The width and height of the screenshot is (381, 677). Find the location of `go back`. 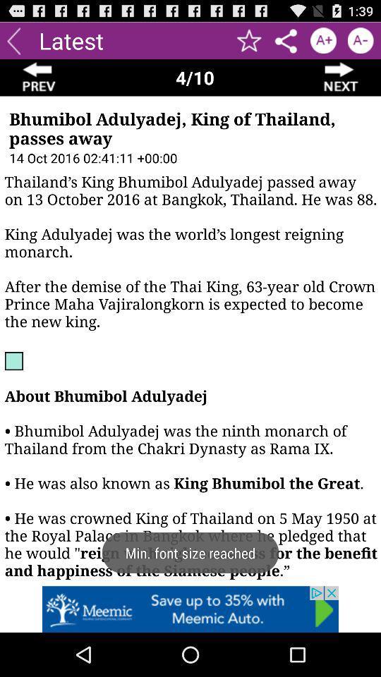

go back is located at coordinates (39, 78).